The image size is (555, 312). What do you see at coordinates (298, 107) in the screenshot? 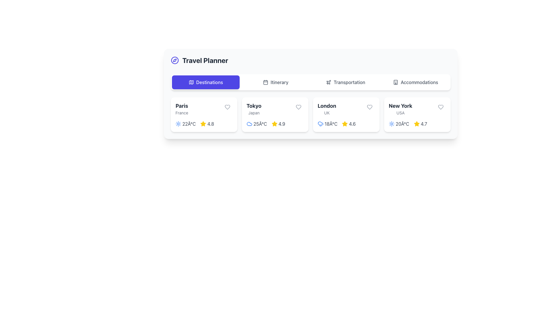
I see `the heart-shaped icon located in the bottom-right corner of the 'Tokyo, Japan' card` at bounding box center [298, 107].